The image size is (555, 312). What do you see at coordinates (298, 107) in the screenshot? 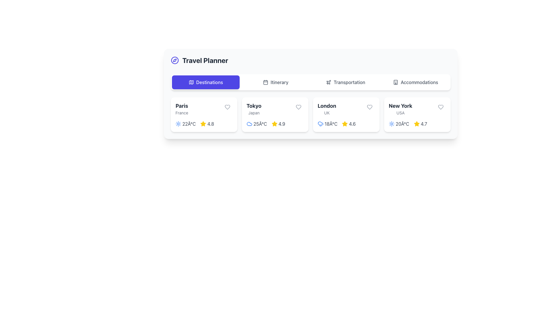
I see `the heart-shaped icon located in the bottom-right corner of the 'Tokyo, Japan' card` at bounding box center [298, 107].